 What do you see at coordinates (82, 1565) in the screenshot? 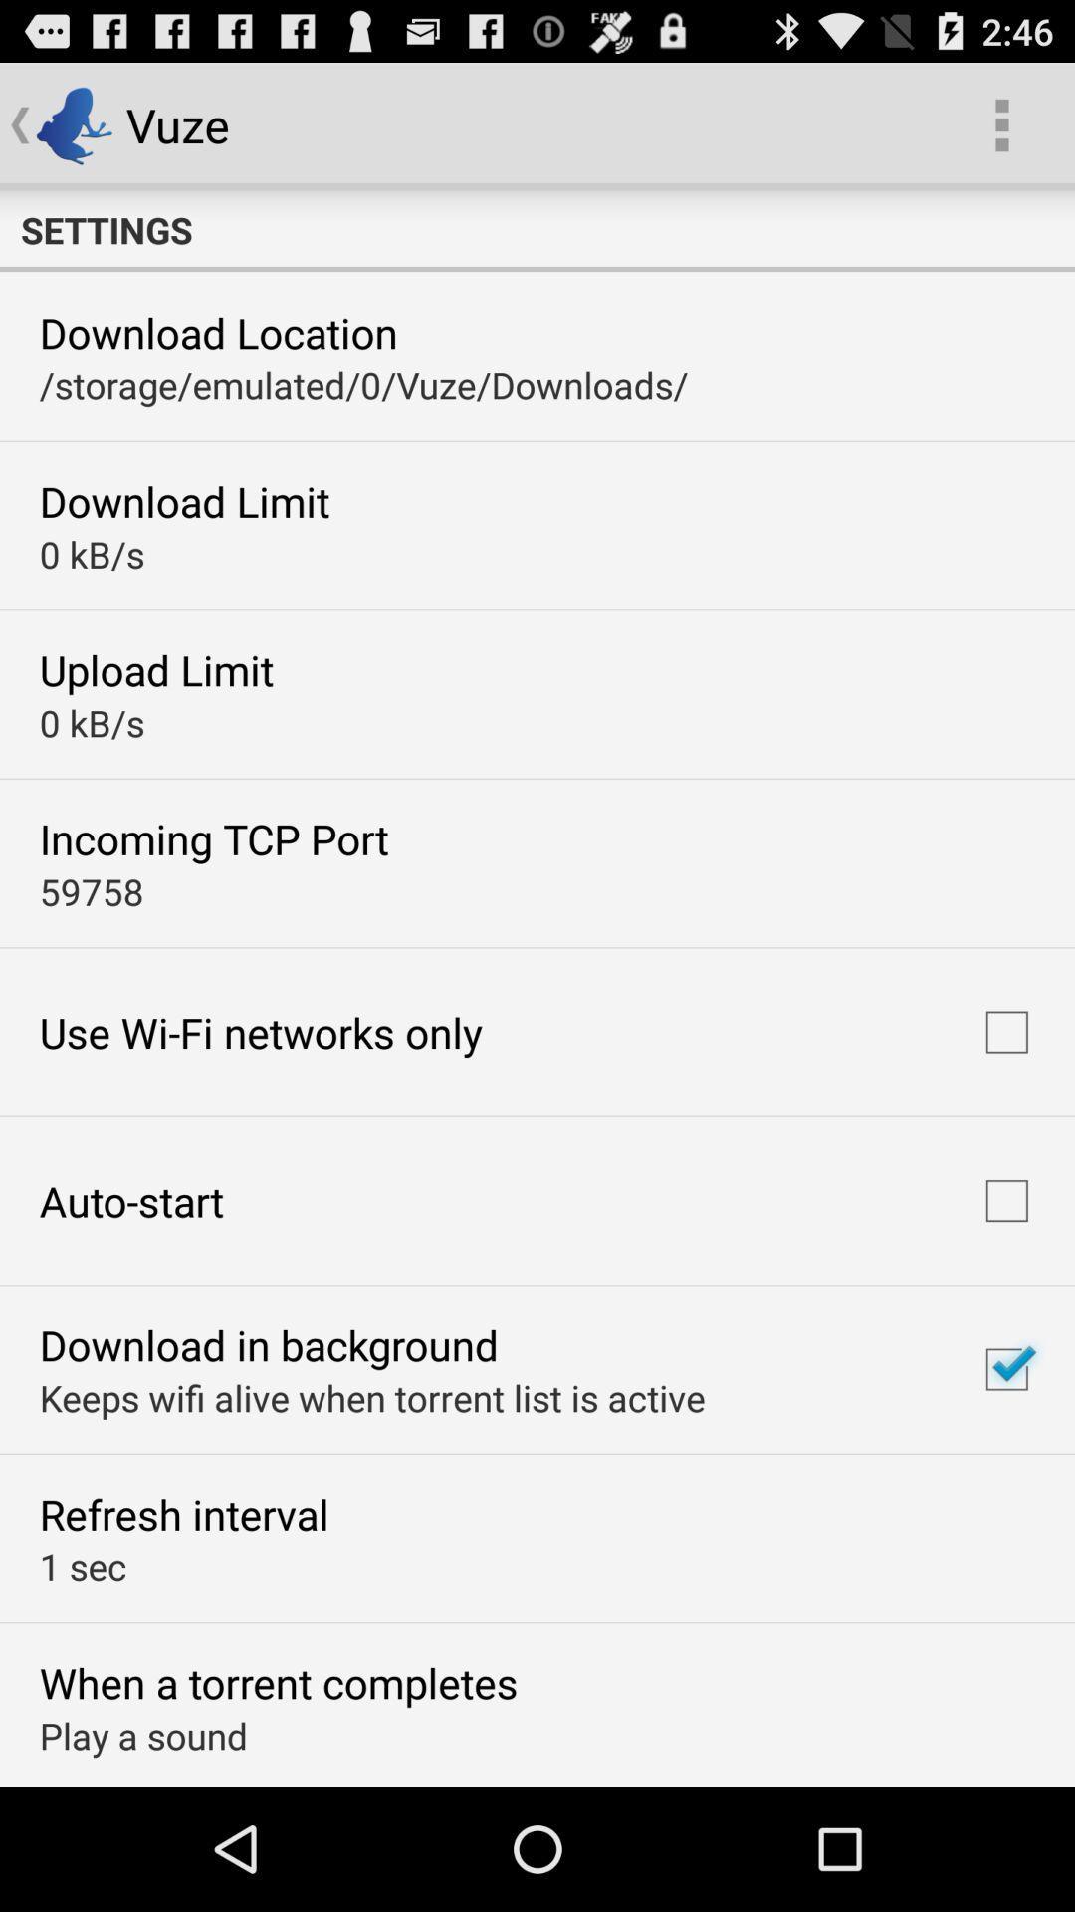
I see `the 1 sec icon` at bounding box center [82, 1565].